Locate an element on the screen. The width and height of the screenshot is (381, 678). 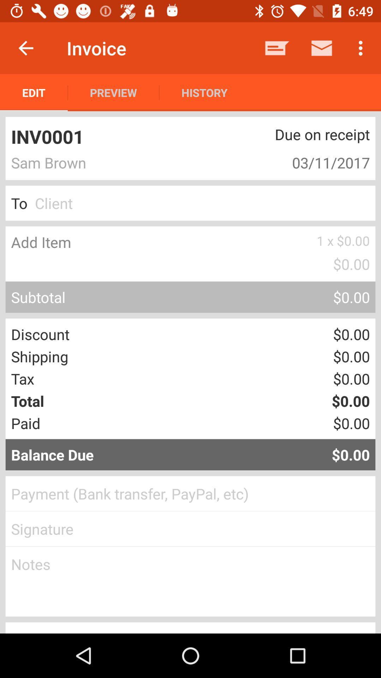
app next to the history app is located at coordinates (277, 48).